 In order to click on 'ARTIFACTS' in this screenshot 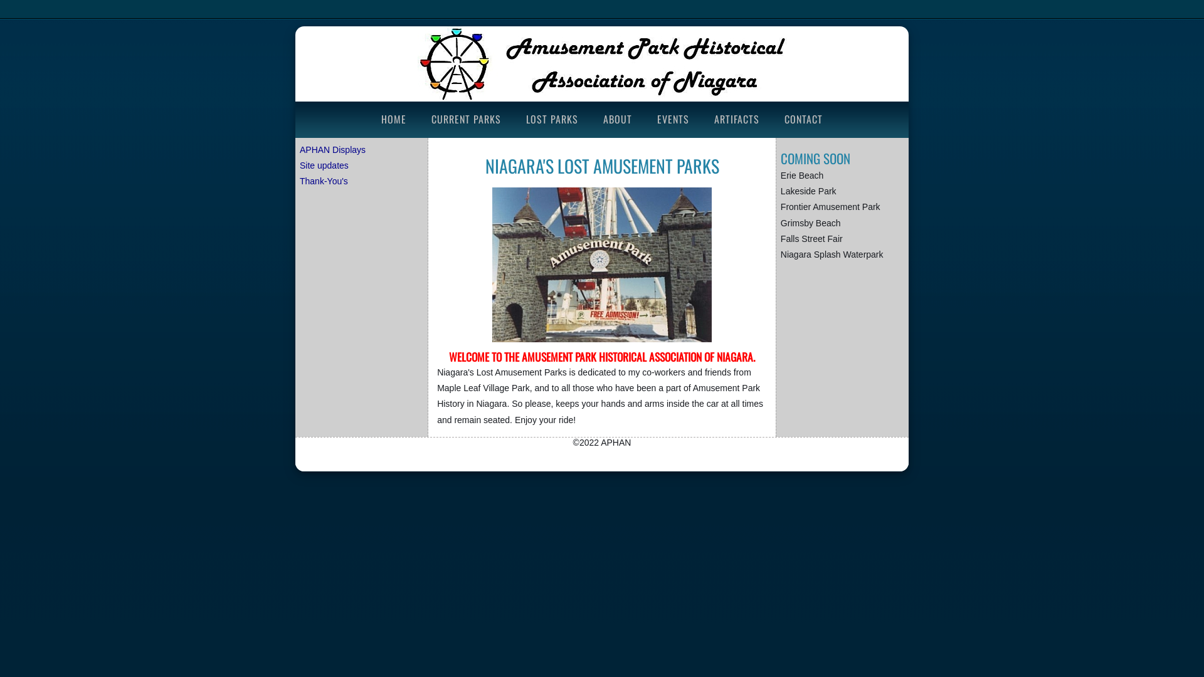, I will do `click(704, 118)`.